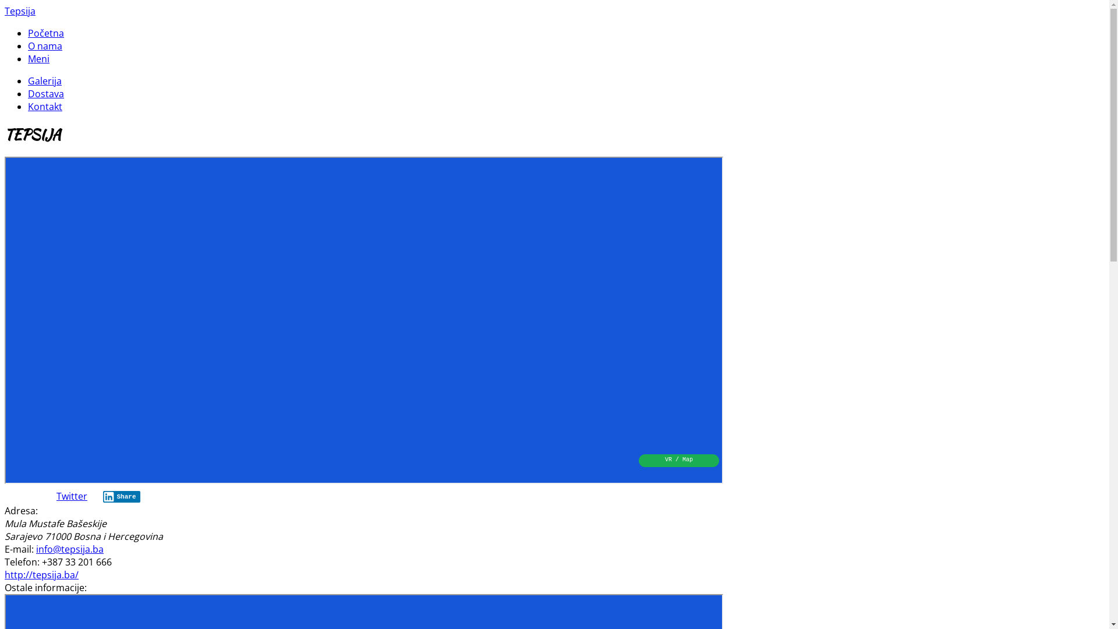  I want to click on 'Galerija', so click(44, 80).